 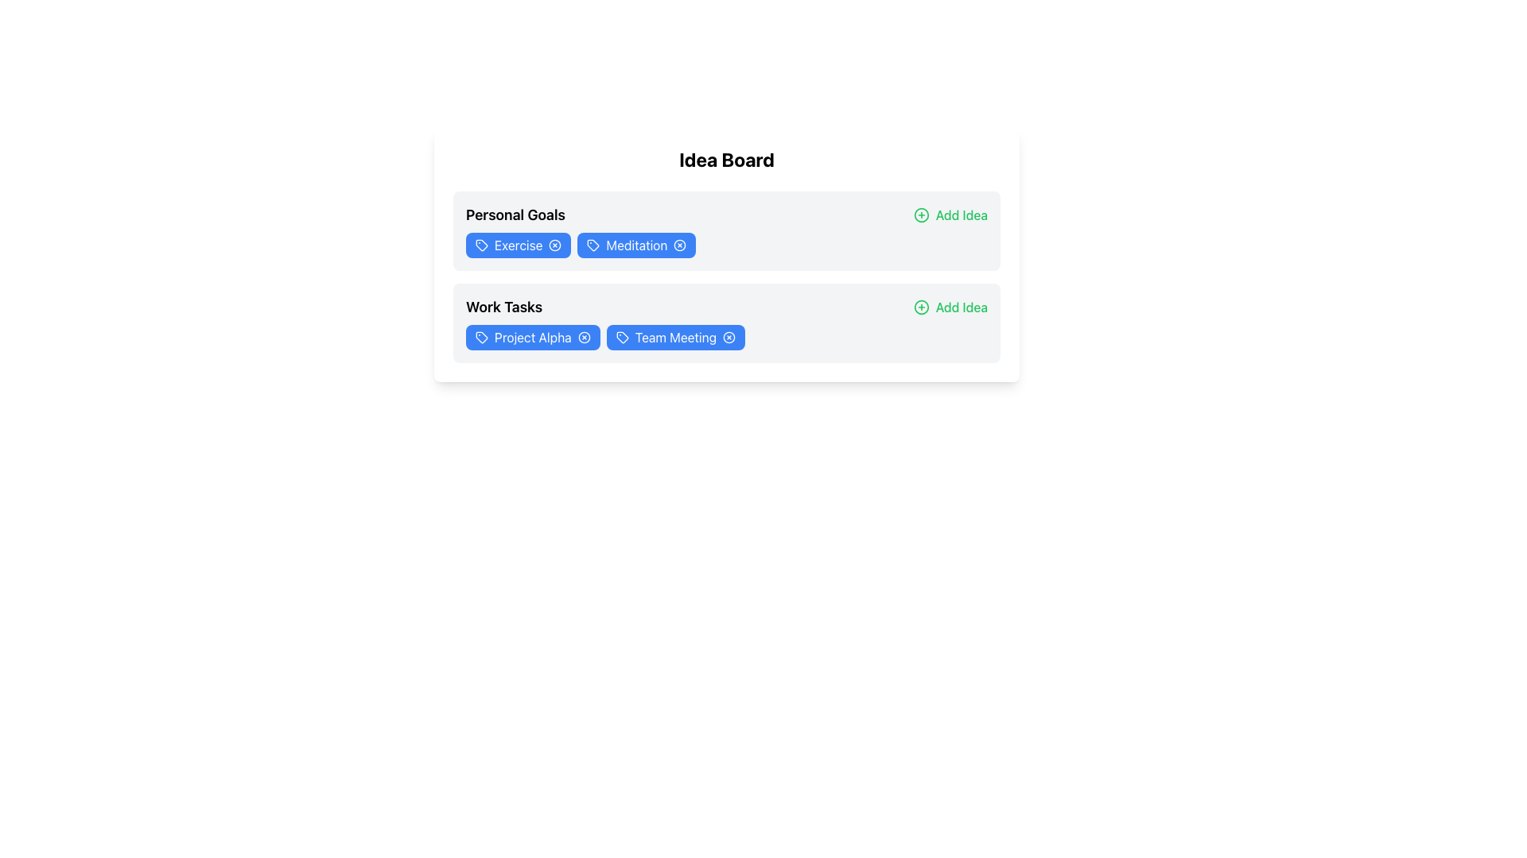 I want to click on the icon that represents the 'Project Alpha' button, which is the leftmost icon inside the blue button labeled 'Project Alpha' under the 'Work Tasks' category, so click(x=480, y=336).